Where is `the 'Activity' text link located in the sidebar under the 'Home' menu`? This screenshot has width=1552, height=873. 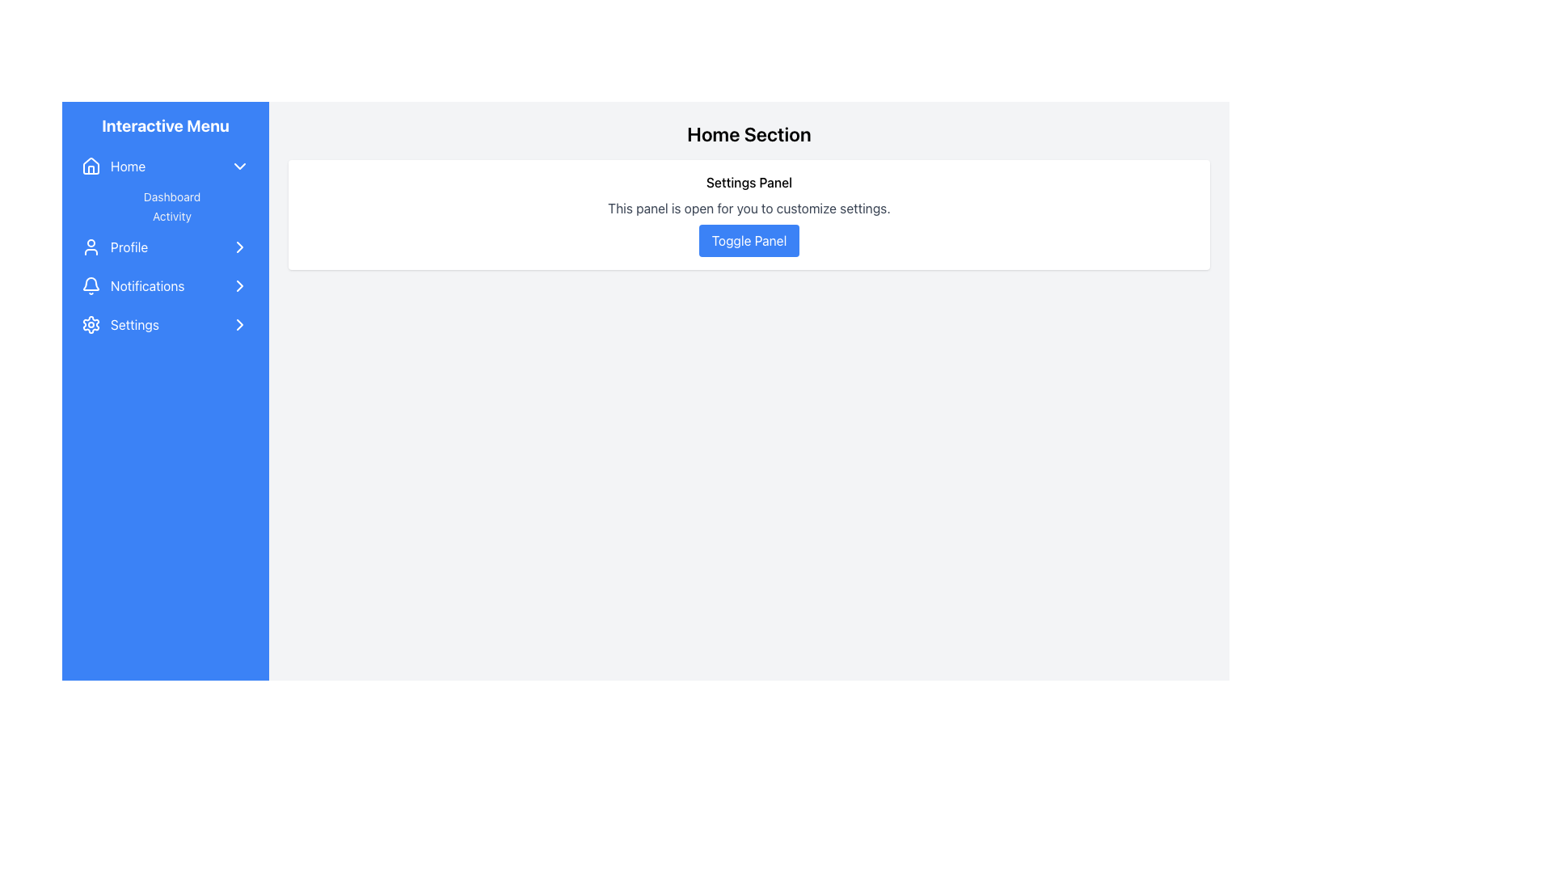 the 'Activity' text link located in the sidebar under the 'Home' menu is located at coordinates (171, 205).